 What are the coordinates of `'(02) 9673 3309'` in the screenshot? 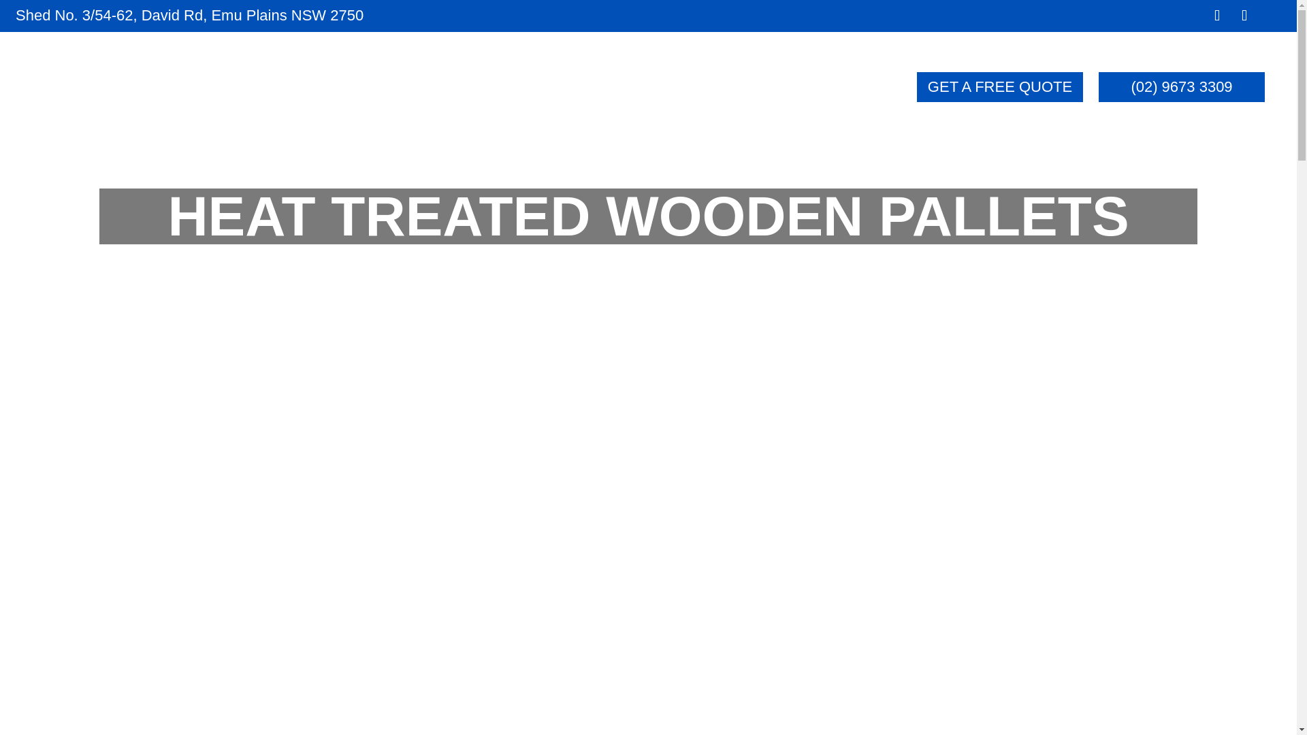 It's located at (1181, 86).